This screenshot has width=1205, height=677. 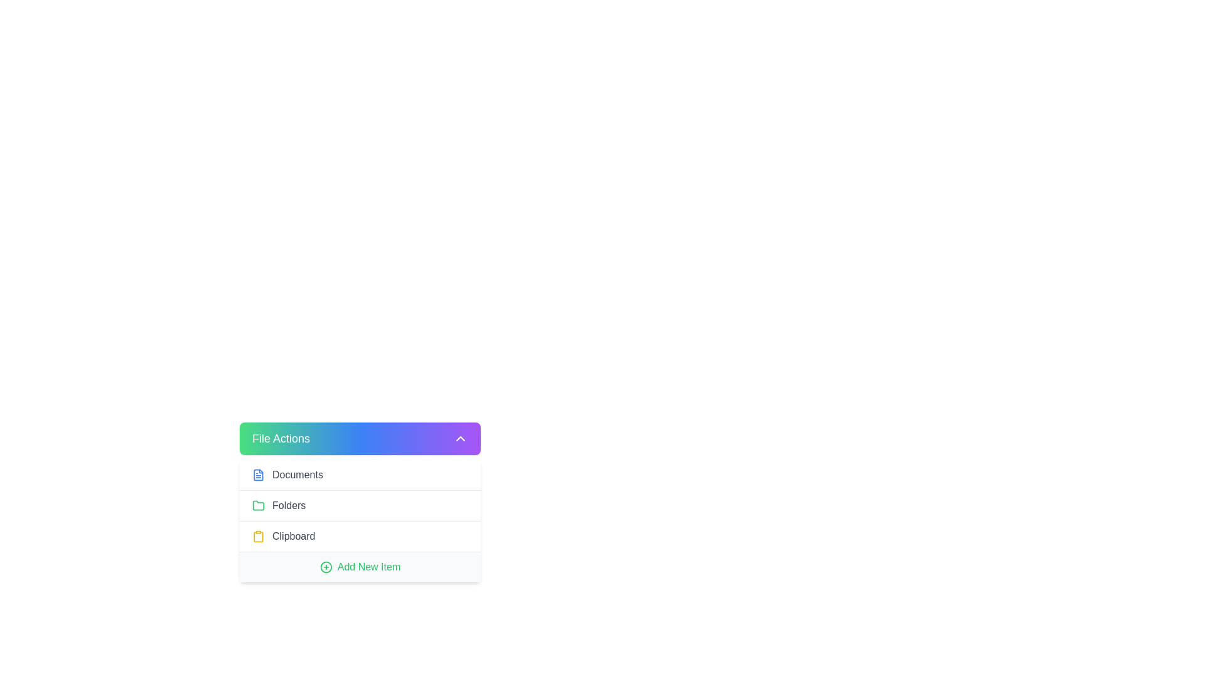 I want to click on the SVG icon with a circular shape and a plus symbol, so click(x=326, y=567).